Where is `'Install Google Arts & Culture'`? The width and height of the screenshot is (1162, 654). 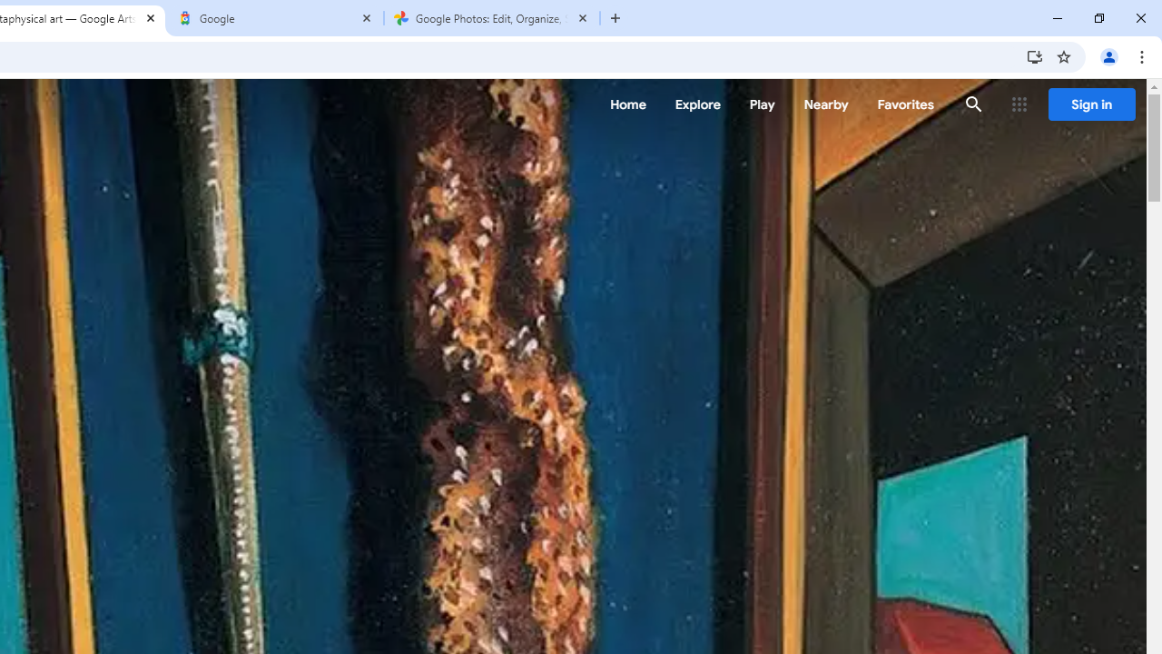 'Install Google Arts & Culture' is located at coordinates (1034, 55).